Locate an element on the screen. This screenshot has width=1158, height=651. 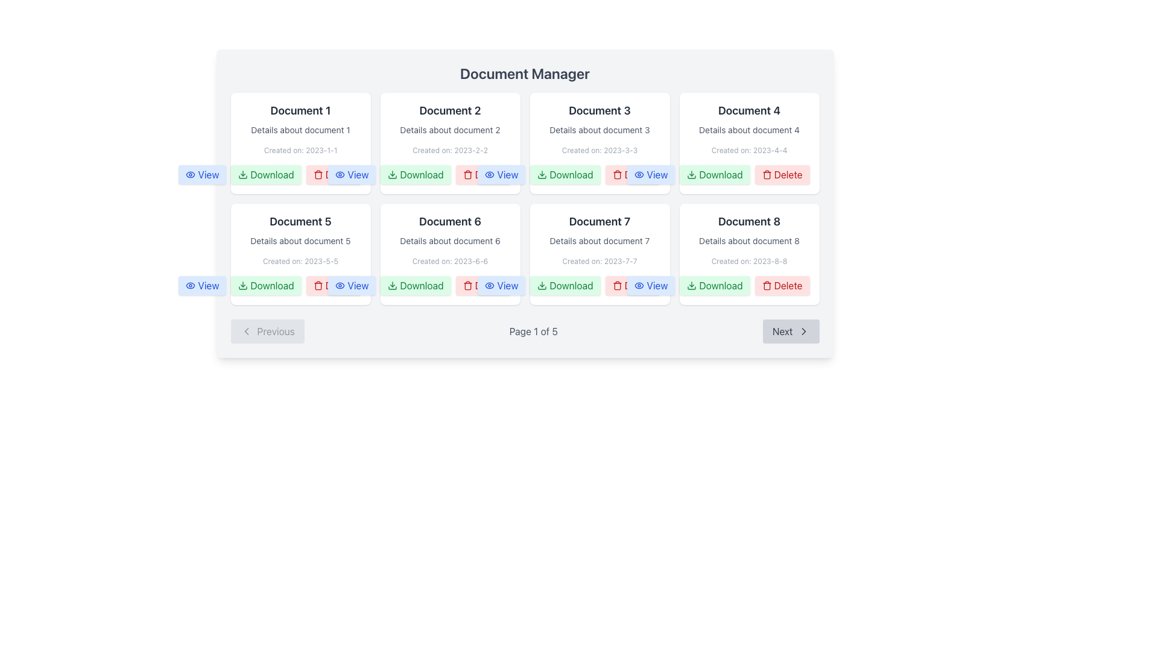
the static text label that reads 'Details about document 4.' located below the title 'Document 4' and above the creation date is located at coordinates (748, 130).